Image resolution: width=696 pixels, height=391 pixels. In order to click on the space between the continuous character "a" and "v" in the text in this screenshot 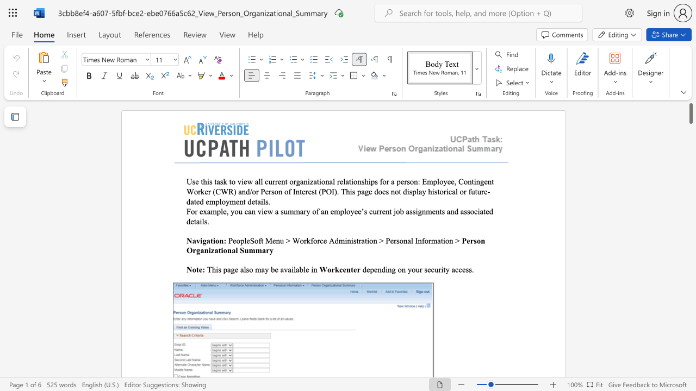, I will do `click(196, 240)`.